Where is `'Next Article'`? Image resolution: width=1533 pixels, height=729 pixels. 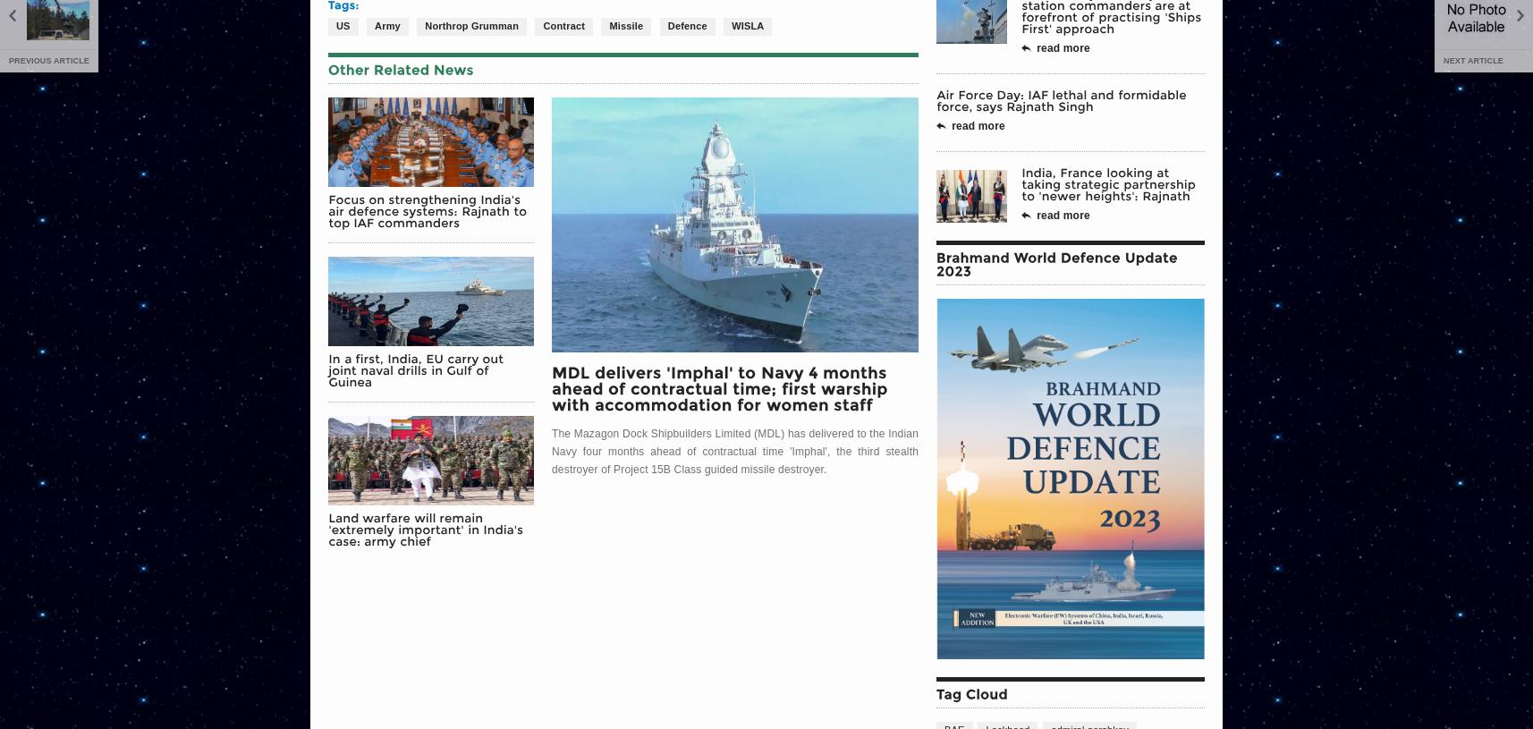 'Next Article' is located at coordinates (1444, 59).